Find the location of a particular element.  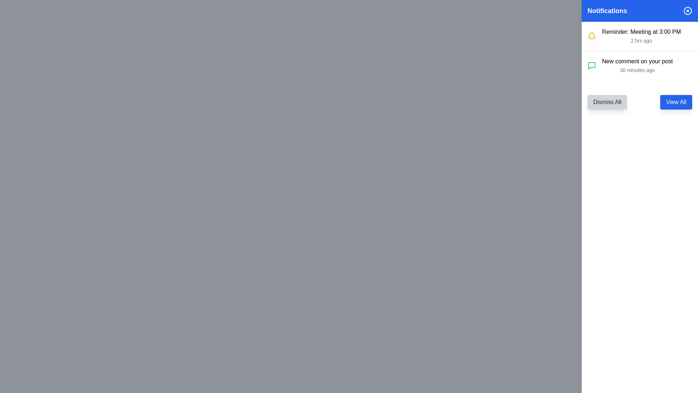

the text label reading '2 hrs ago', which is styled in gray and located directly below the 'Reminder: Meeting at 3:00 PM' notification in the notifications panel is located at coordinates (641, 40).